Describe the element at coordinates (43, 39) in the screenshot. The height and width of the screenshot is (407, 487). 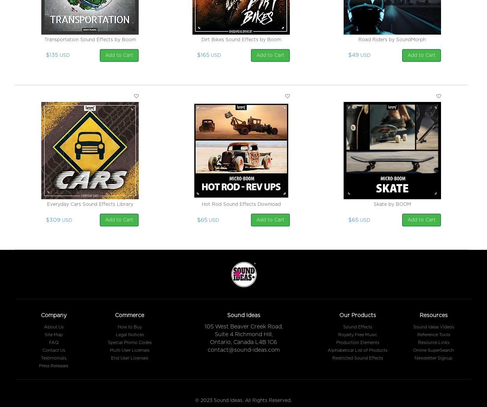
I see `'Transportation Sound Effects by Boom'` at that location.